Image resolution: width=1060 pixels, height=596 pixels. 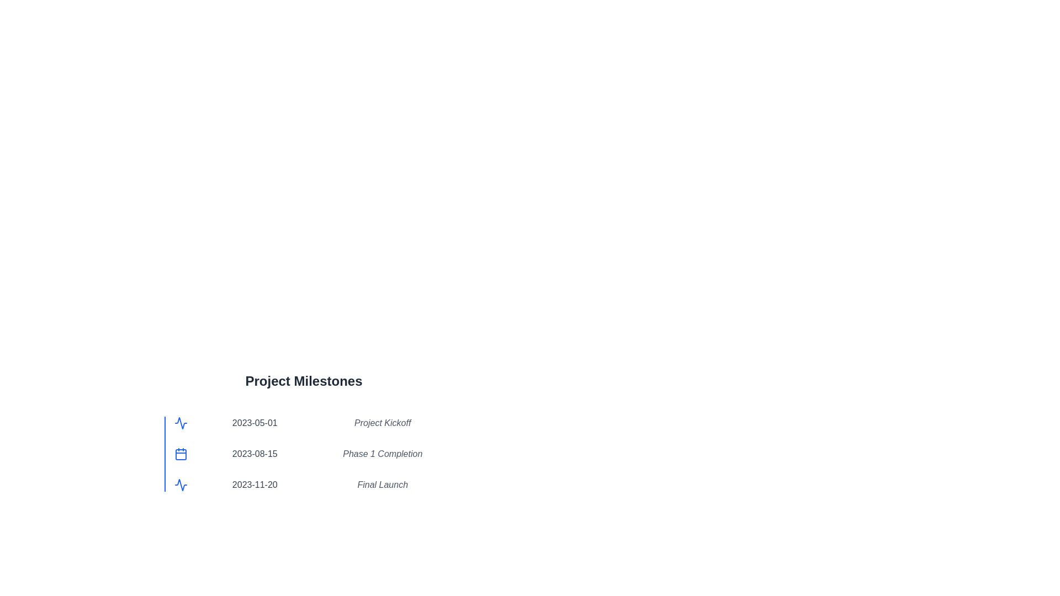 What do you see at coordinates (181, 455) in the screenshot?
I see `the decorative SVG rectangle inside the calendar icon, which is part of the second event in the vertical sequence of milestones on the timeline graphic` at bounding box center [181, 455].